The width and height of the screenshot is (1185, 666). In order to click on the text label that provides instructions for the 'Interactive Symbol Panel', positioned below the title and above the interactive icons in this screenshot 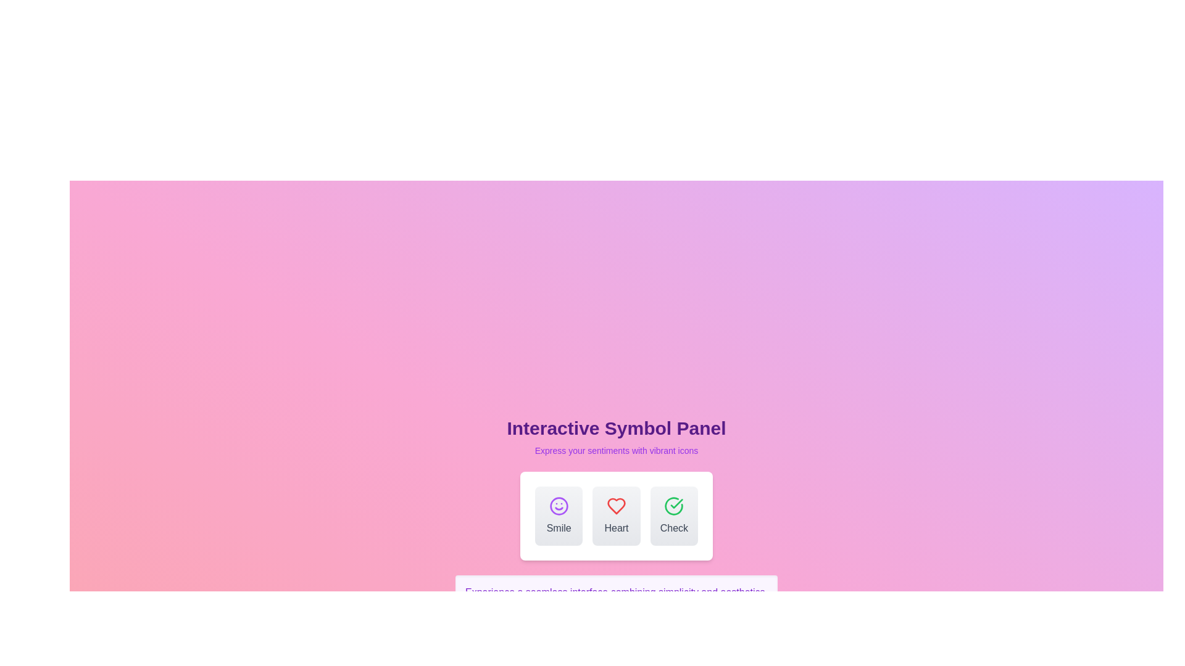, I will do `click(616, 451)`.